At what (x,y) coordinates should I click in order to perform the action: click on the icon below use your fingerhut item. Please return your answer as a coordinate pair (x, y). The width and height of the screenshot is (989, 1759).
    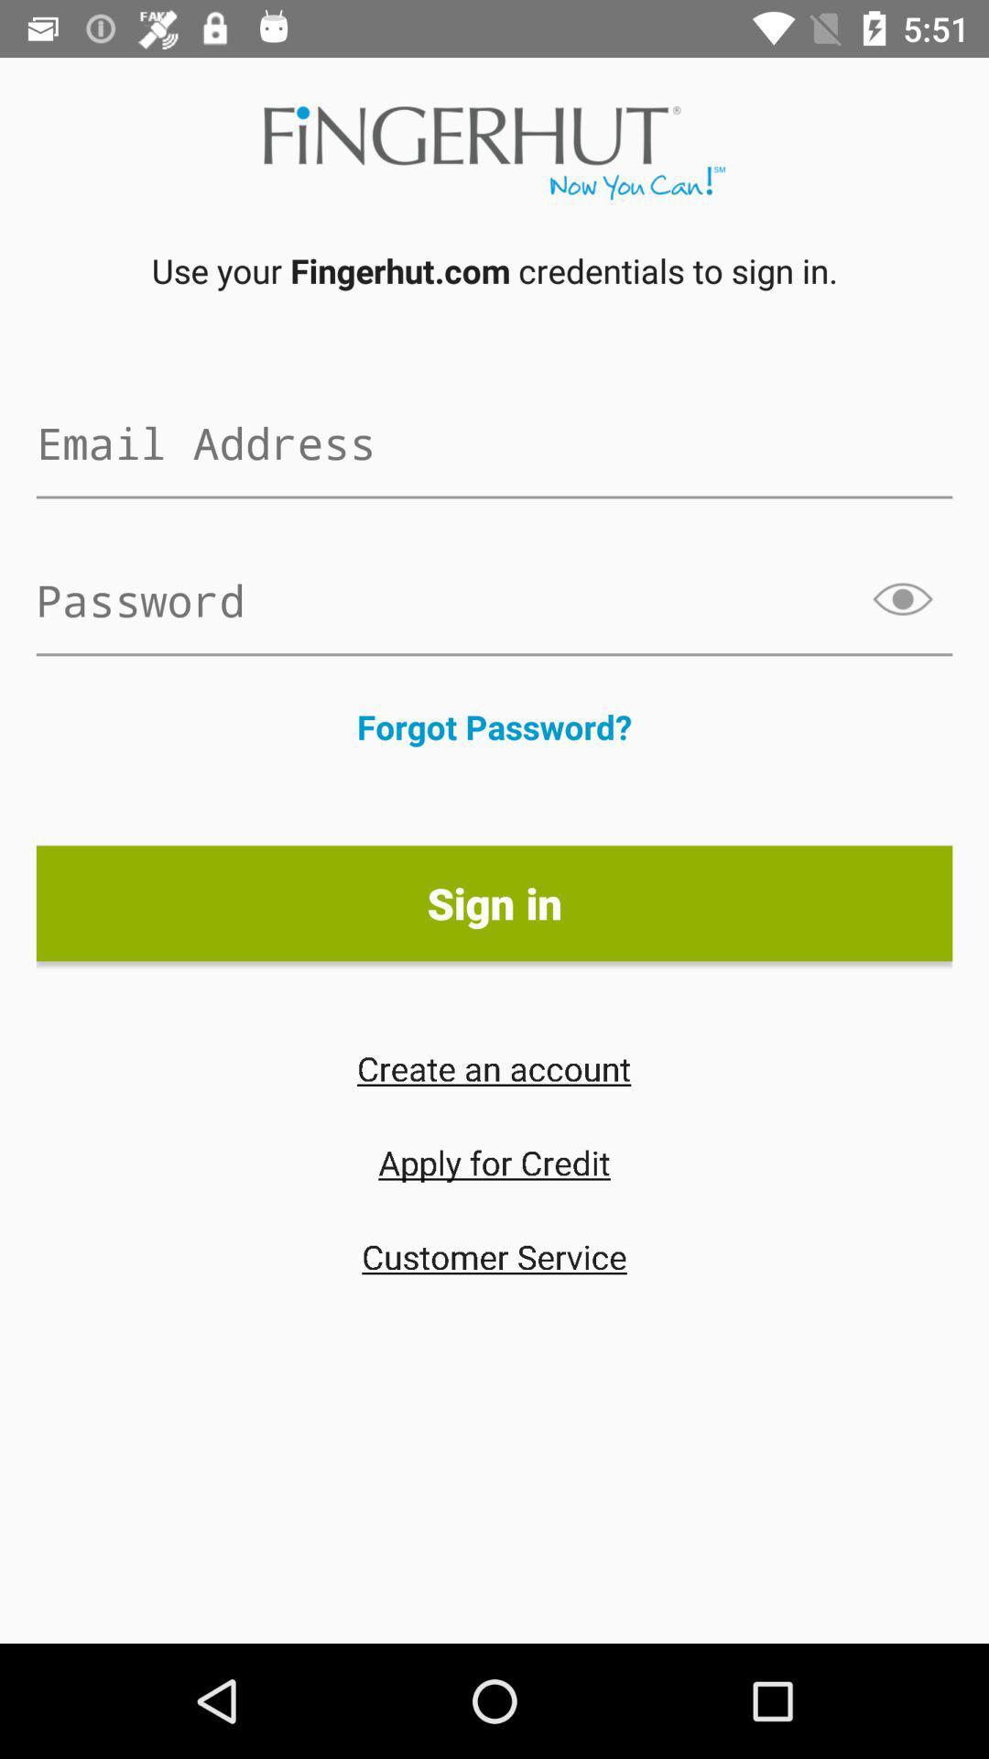
    Looking at the image, I should click on (494, 442).